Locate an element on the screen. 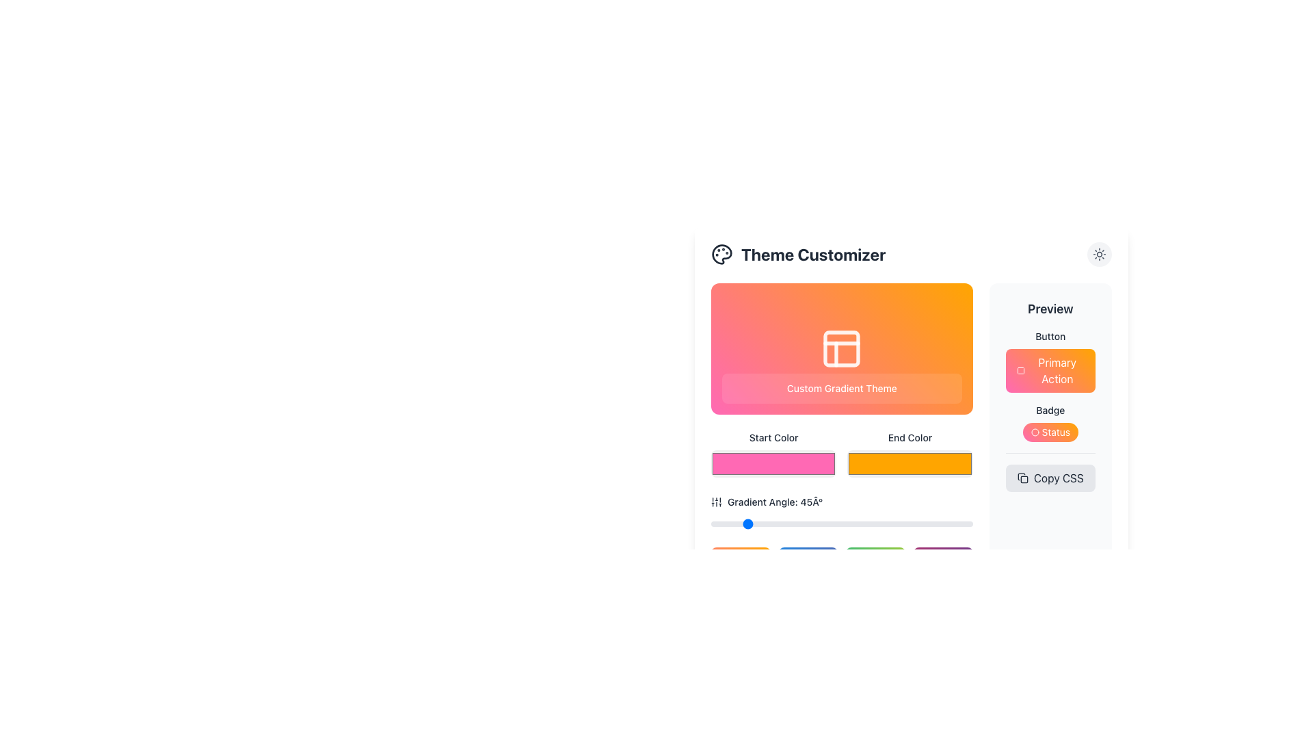  the gradient angle is located at coordinates (924, 523).